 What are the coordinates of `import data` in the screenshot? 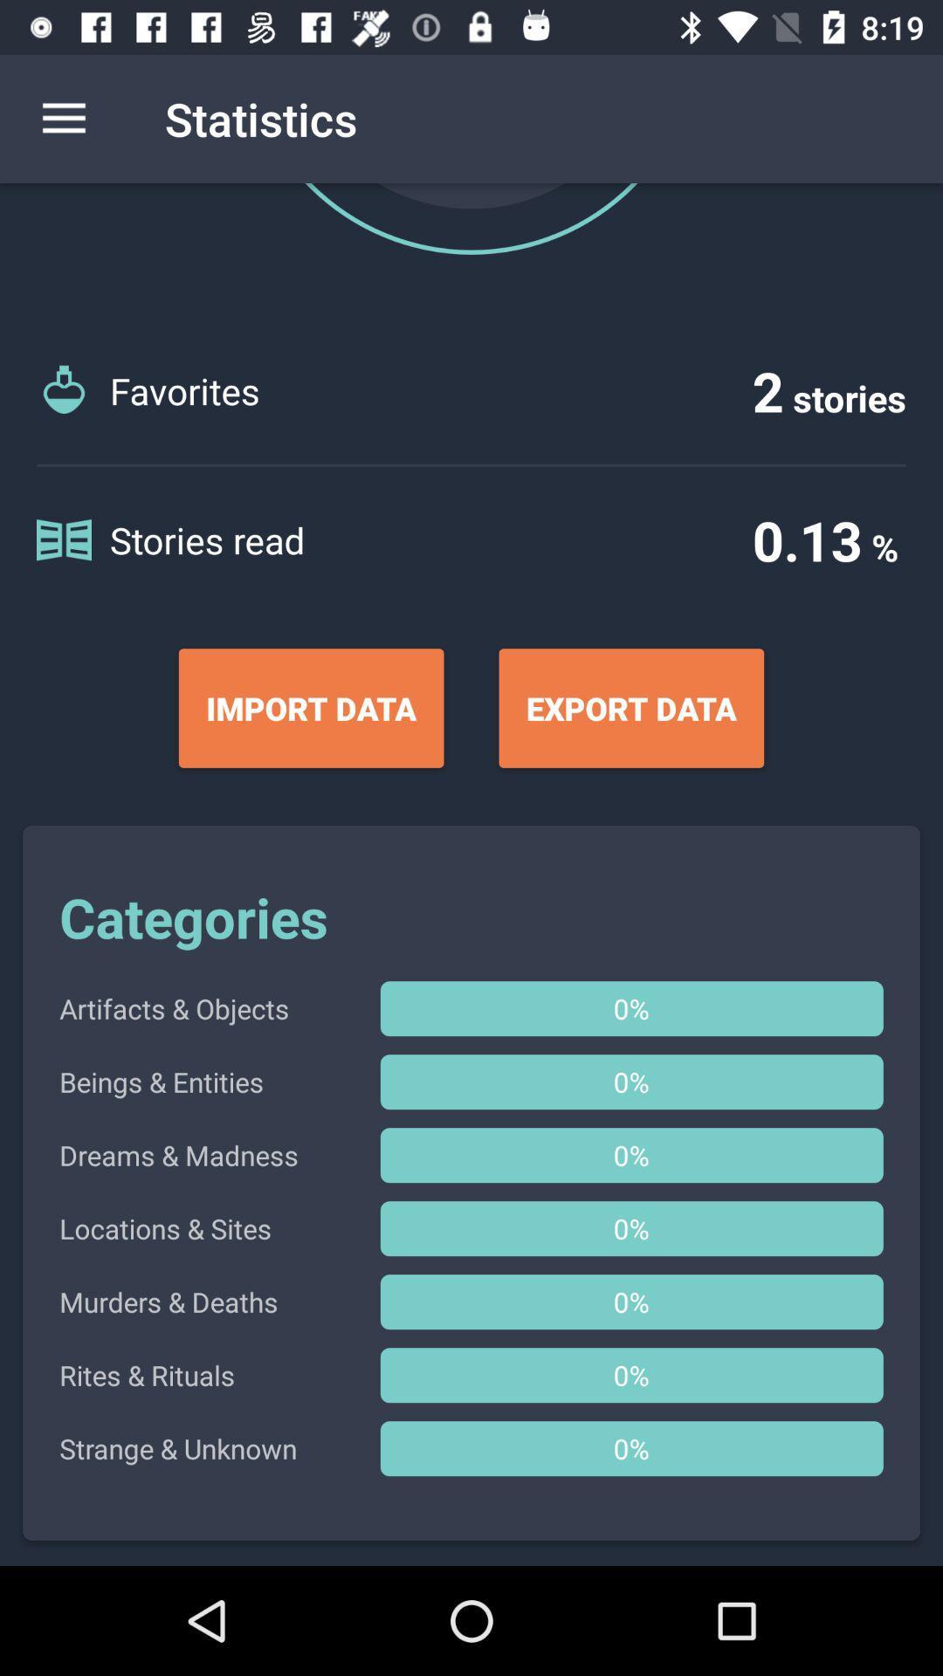 It's located at (310, 708).